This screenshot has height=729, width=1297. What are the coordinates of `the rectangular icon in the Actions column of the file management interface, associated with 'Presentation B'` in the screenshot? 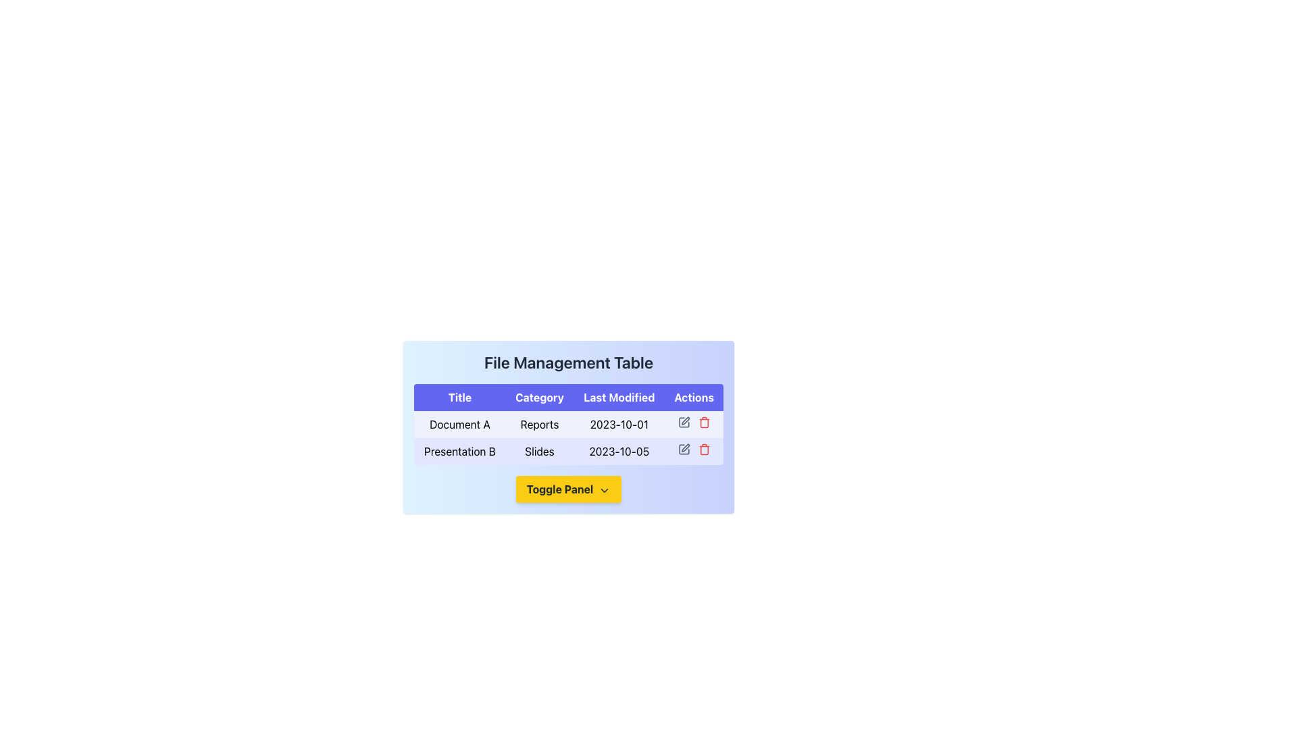 It's located at (684, 450).